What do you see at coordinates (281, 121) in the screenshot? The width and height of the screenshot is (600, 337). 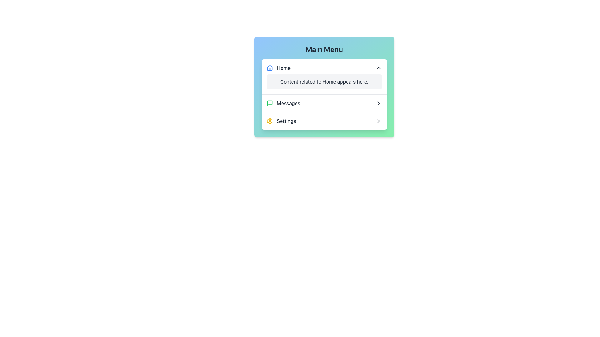 I see `the settings navigation item in the bottom row of the vertical menu, which is styled as a card and positioned between the 'Messages' row and the bottom edge` at bounding box center [281, 121].